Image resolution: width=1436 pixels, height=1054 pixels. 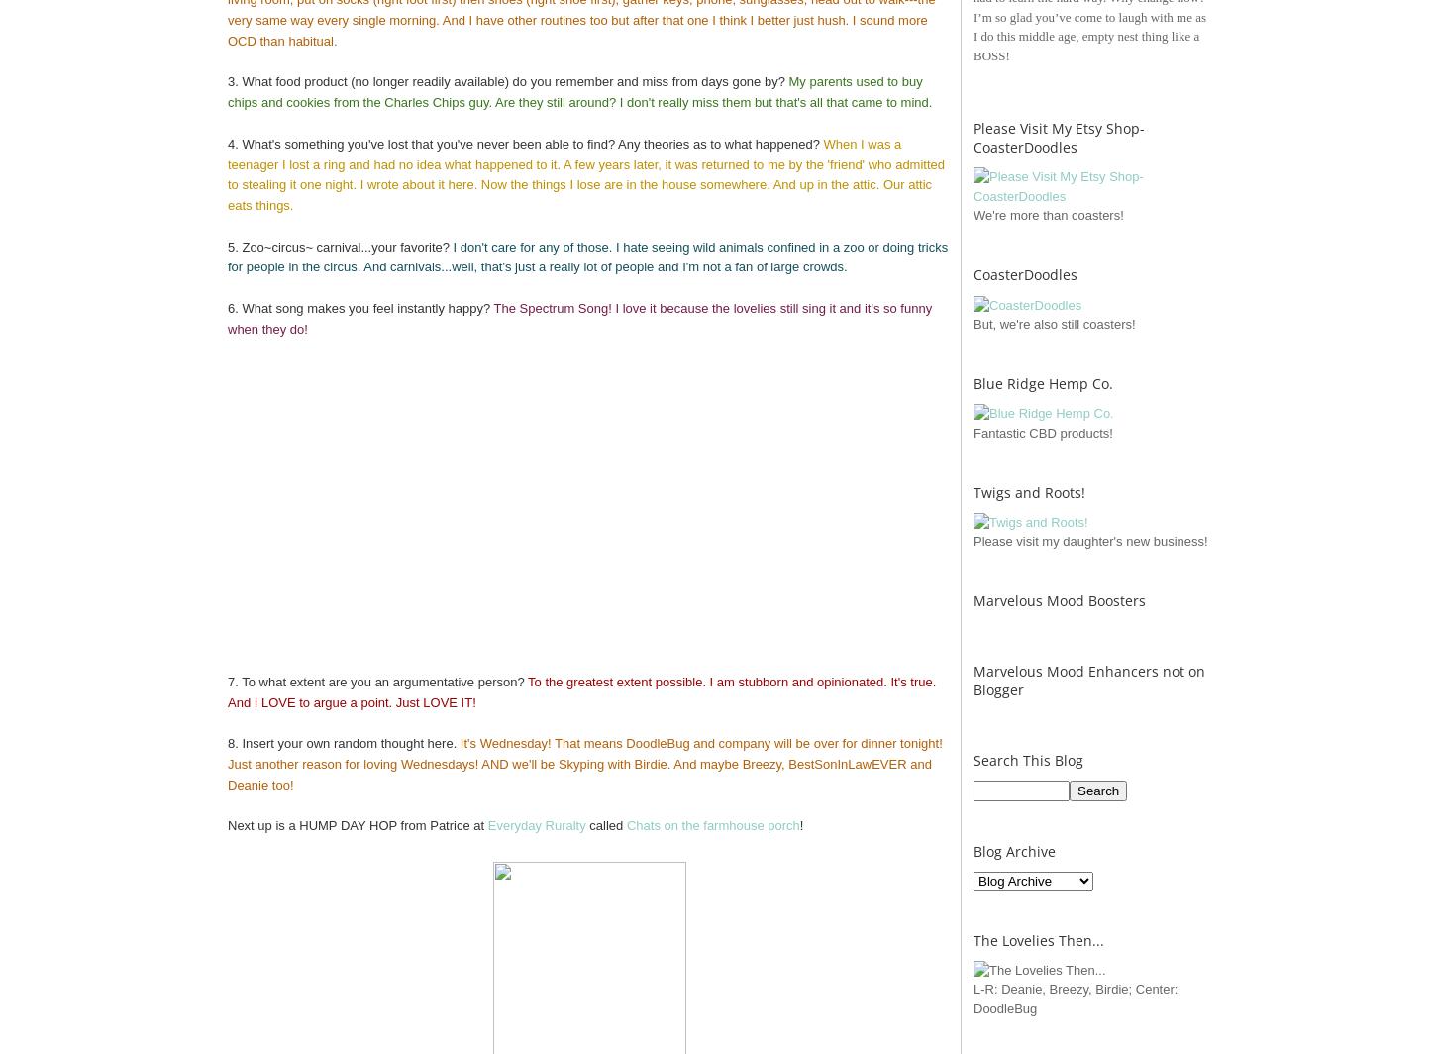 What do you see at coordinates (1059, 600) in the screenshot?
I see `'Marvelous Mood Boosters'` at bounding box center [1059, 600].